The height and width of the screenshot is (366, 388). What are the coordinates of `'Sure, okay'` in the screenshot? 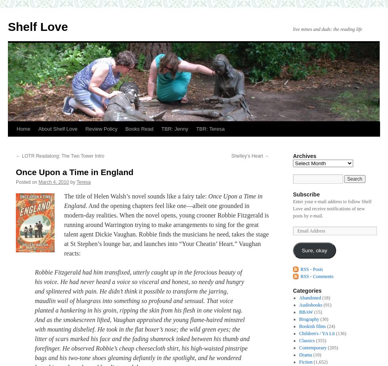 It's located at (314, 250).